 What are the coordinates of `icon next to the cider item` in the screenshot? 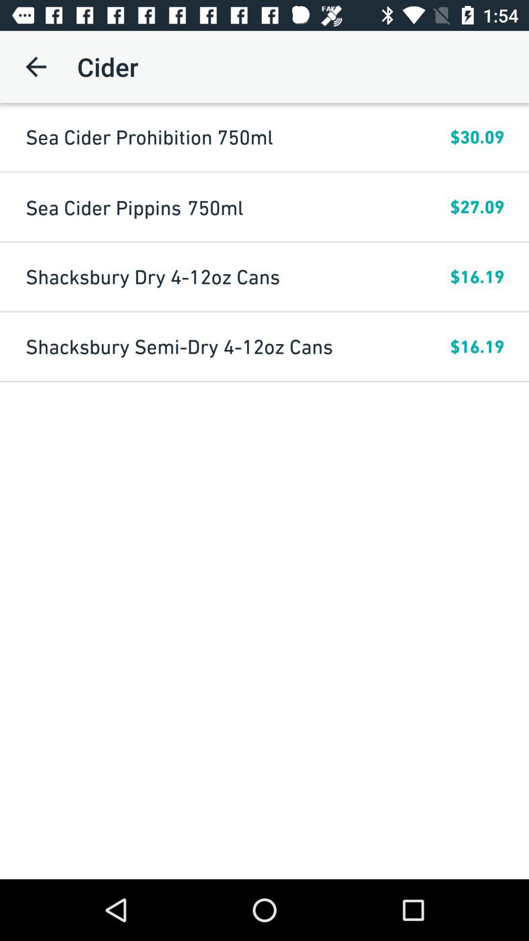 It's located at (35, 66).